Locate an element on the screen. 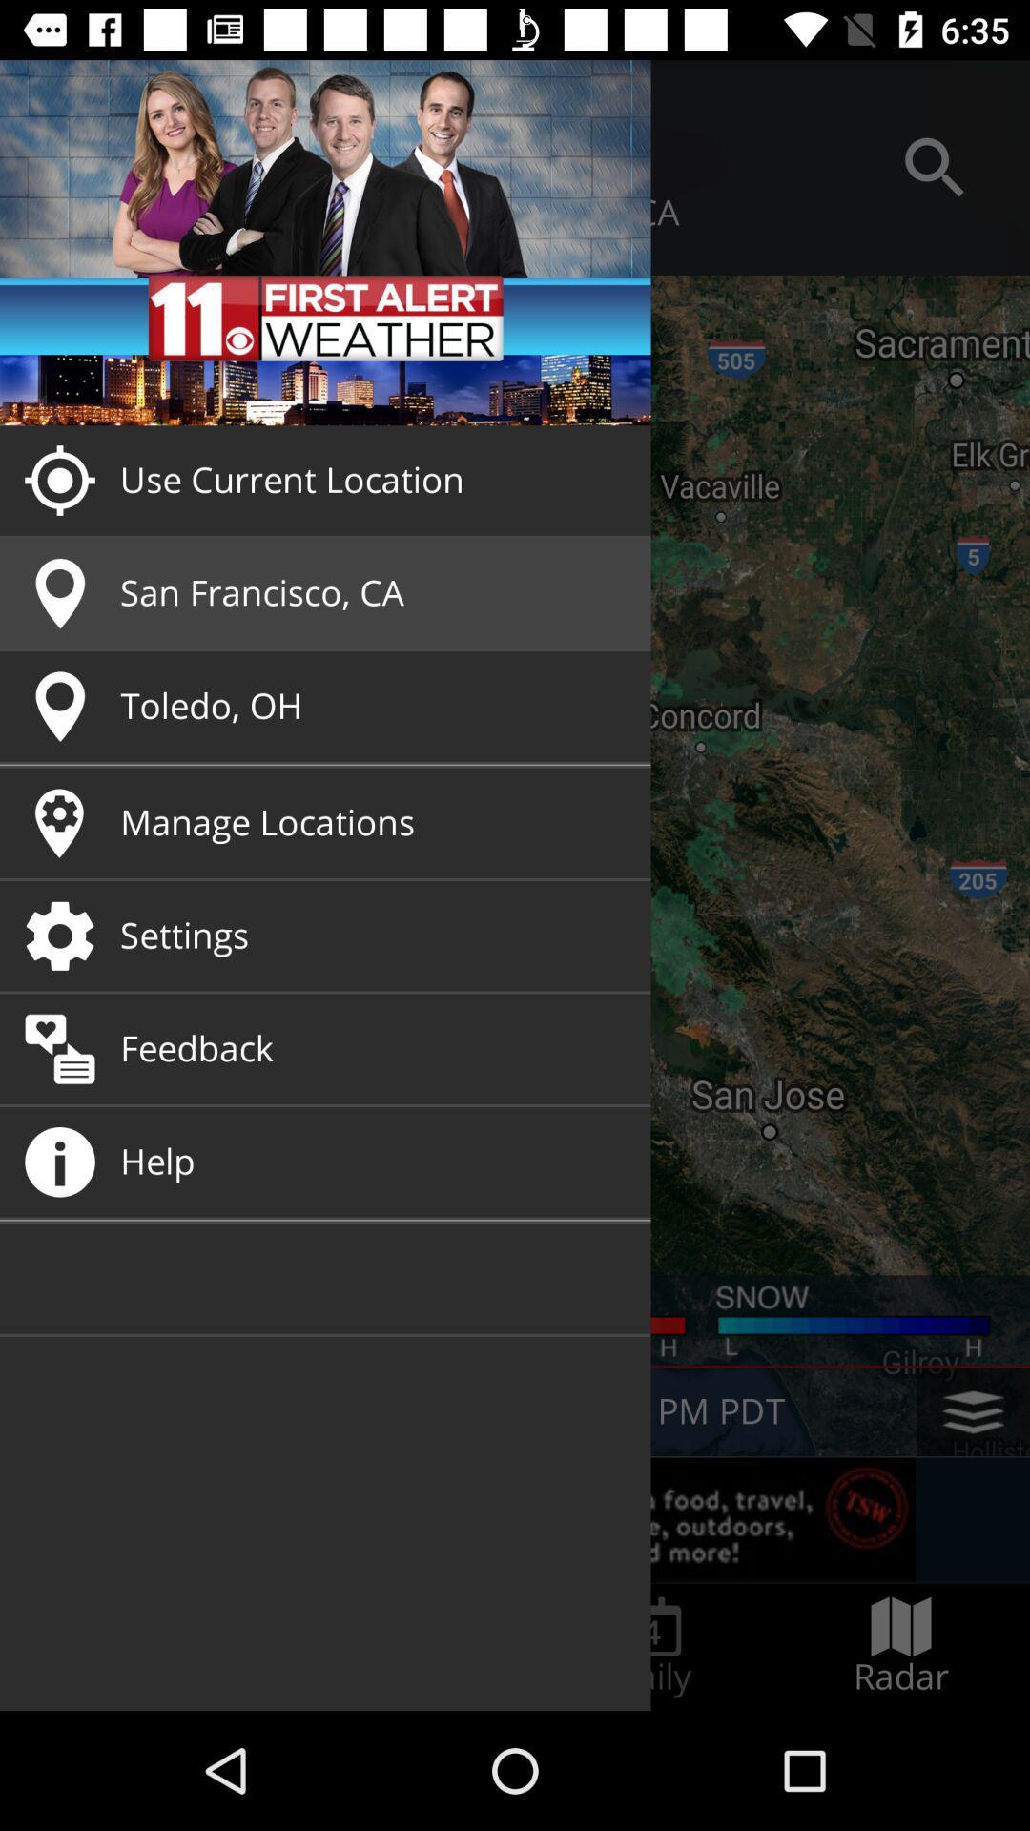 This screenshot has width=1030, height=1831. the search button at top right is located at coordinates (934, 167).